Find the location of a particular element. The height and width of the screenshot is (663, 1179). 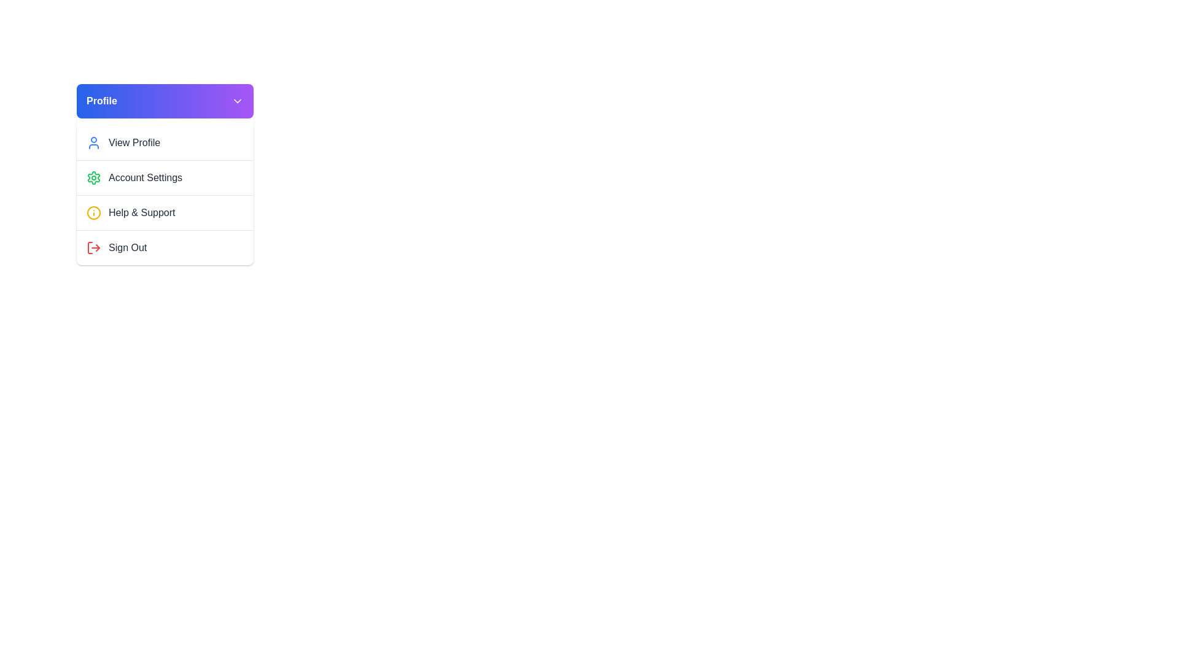

the first text label in the 'Profile' dropdown panel is located at coordinates (134, 142).